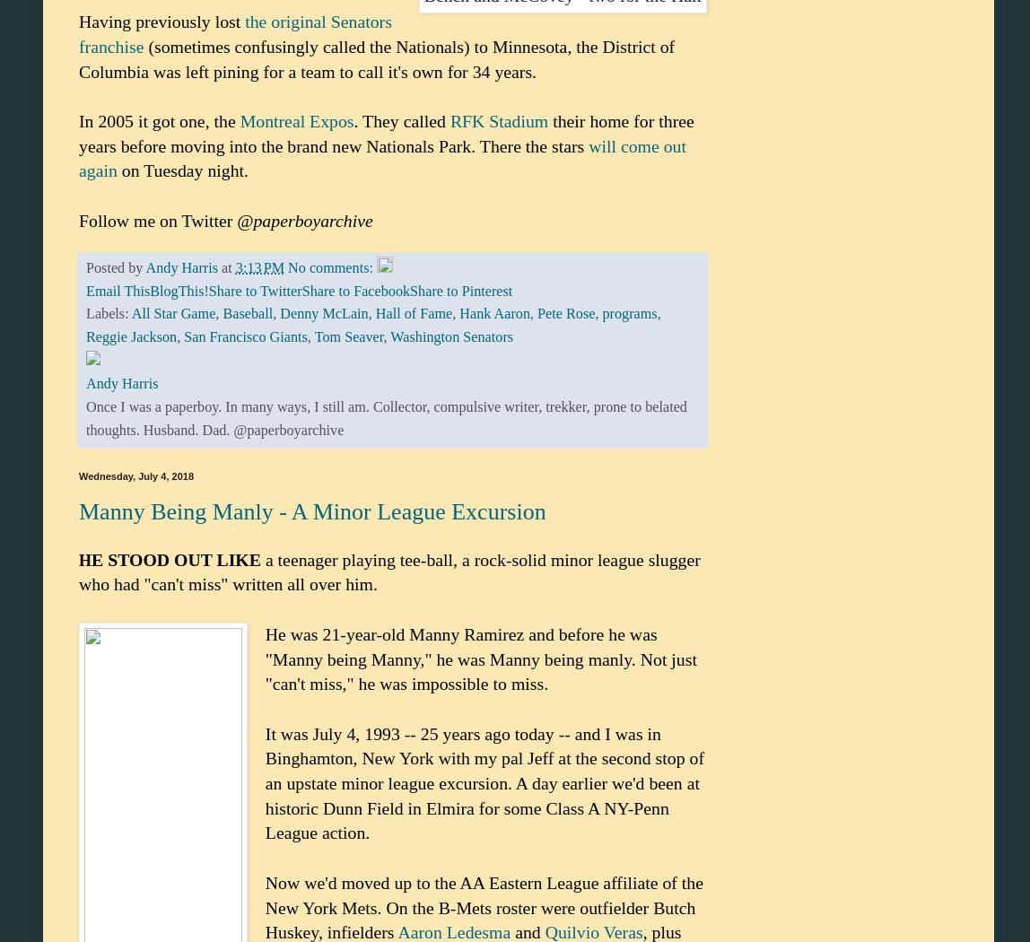 The image size is (1030, 942). I want to click on 'Denny McLain', so click(280, 312).